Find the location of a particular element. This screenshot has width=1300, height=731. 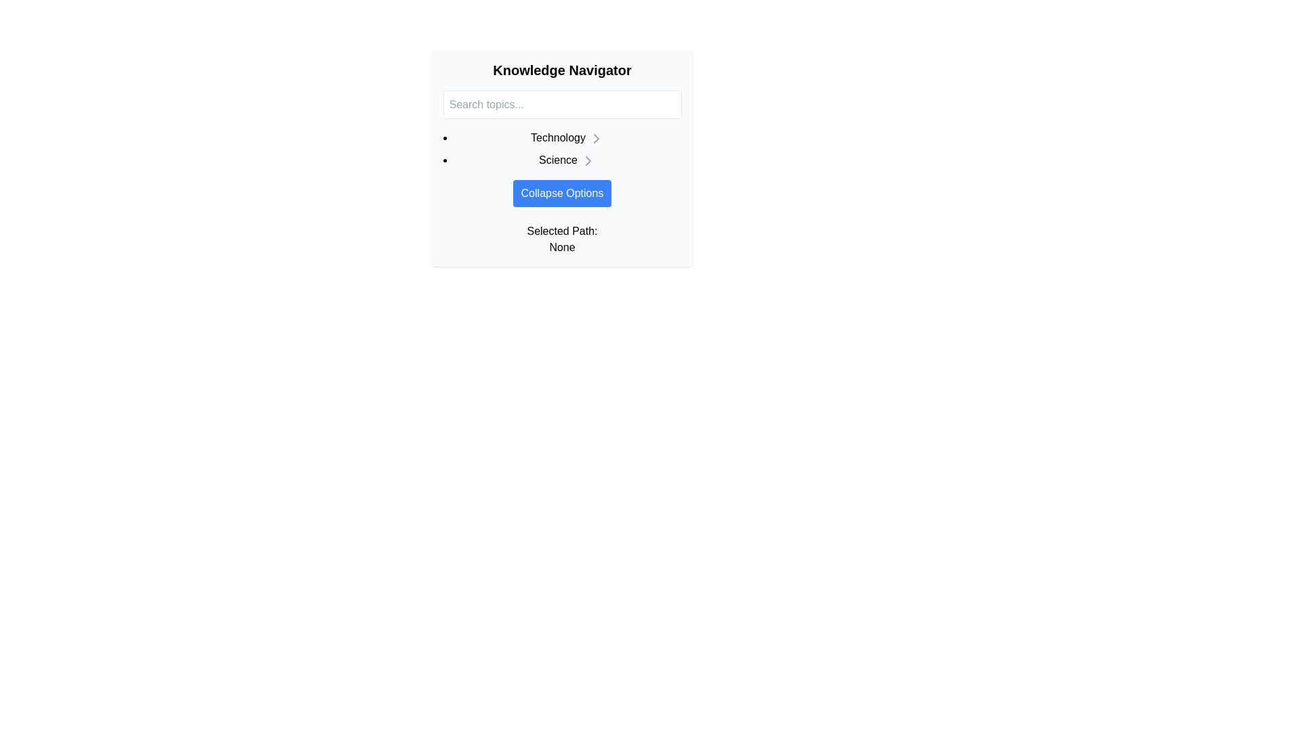

the 'Technology' entry in the List component with navigation links, which is styled with bullet points and hover effects, located below the search bar and above the 'Collapse Options' button is located at coordinates (562, 149).